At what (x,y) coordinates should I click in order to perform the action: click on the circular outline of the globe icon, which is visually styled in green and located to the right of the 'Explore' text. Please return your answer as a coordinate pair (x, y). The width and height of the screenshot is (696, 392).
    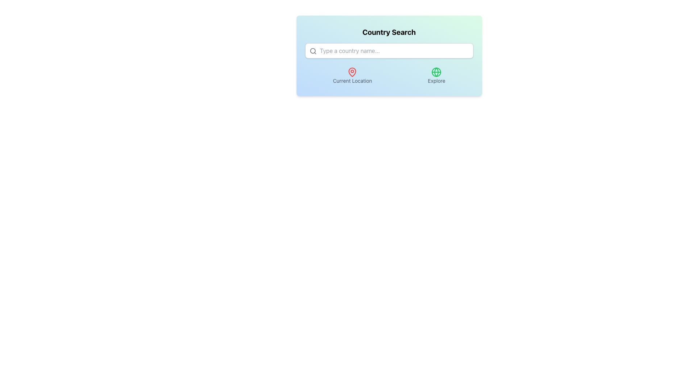
    Looking at the image, I should click on (436, 72).